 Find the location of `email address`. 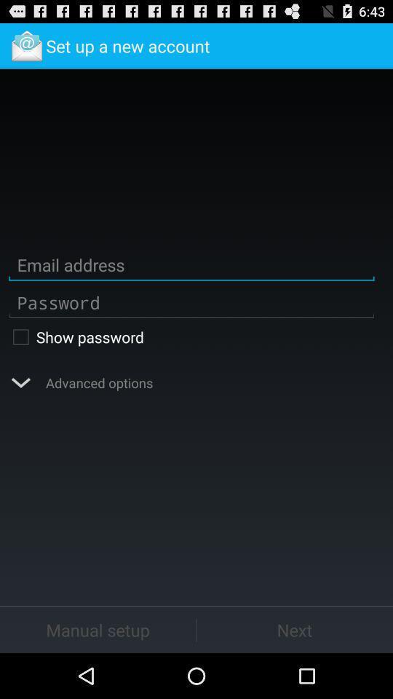

email address is located at coordinates (191, 264).